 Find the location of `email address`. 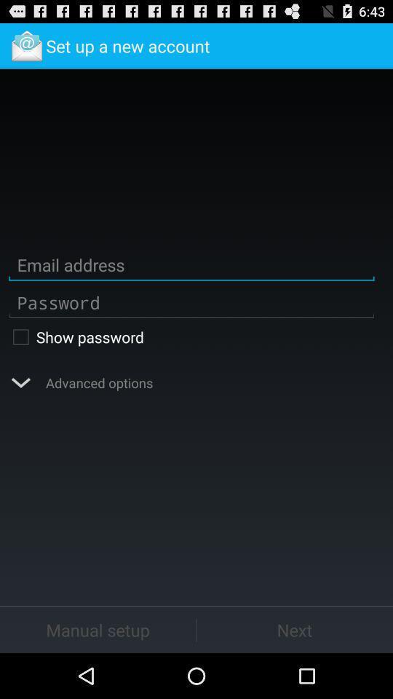

email address is located at coordinates (191, 264).